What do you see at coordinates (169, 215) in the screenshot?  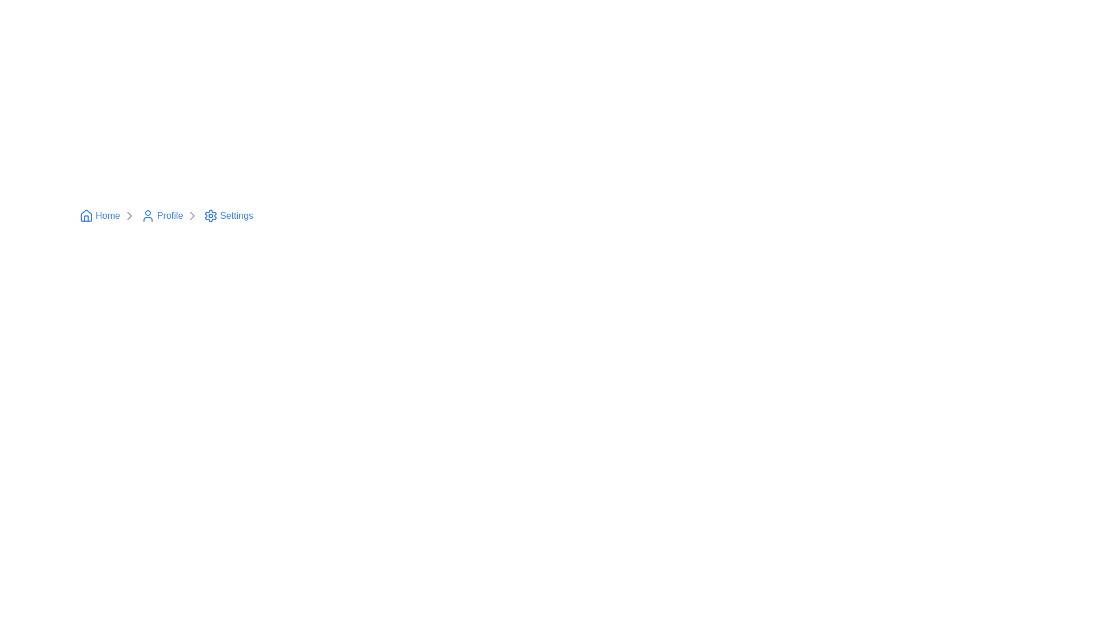 I see `the blue 'Profile' text label in the breadcrumb navigation bar` at bounding box center [169, 215].